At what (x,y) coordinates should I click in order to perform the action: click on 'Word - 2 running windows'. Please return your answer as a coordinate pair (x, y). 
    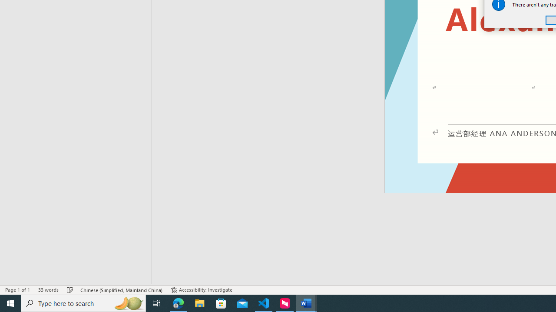
    Looking at the image, I should click on (306, 302).